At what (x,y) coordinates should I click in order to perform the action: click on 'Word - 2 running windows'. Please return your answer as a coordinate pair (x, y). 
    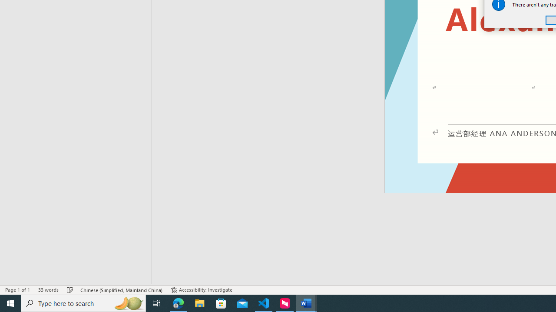
    Looking at the image, I should click on (306, 302).